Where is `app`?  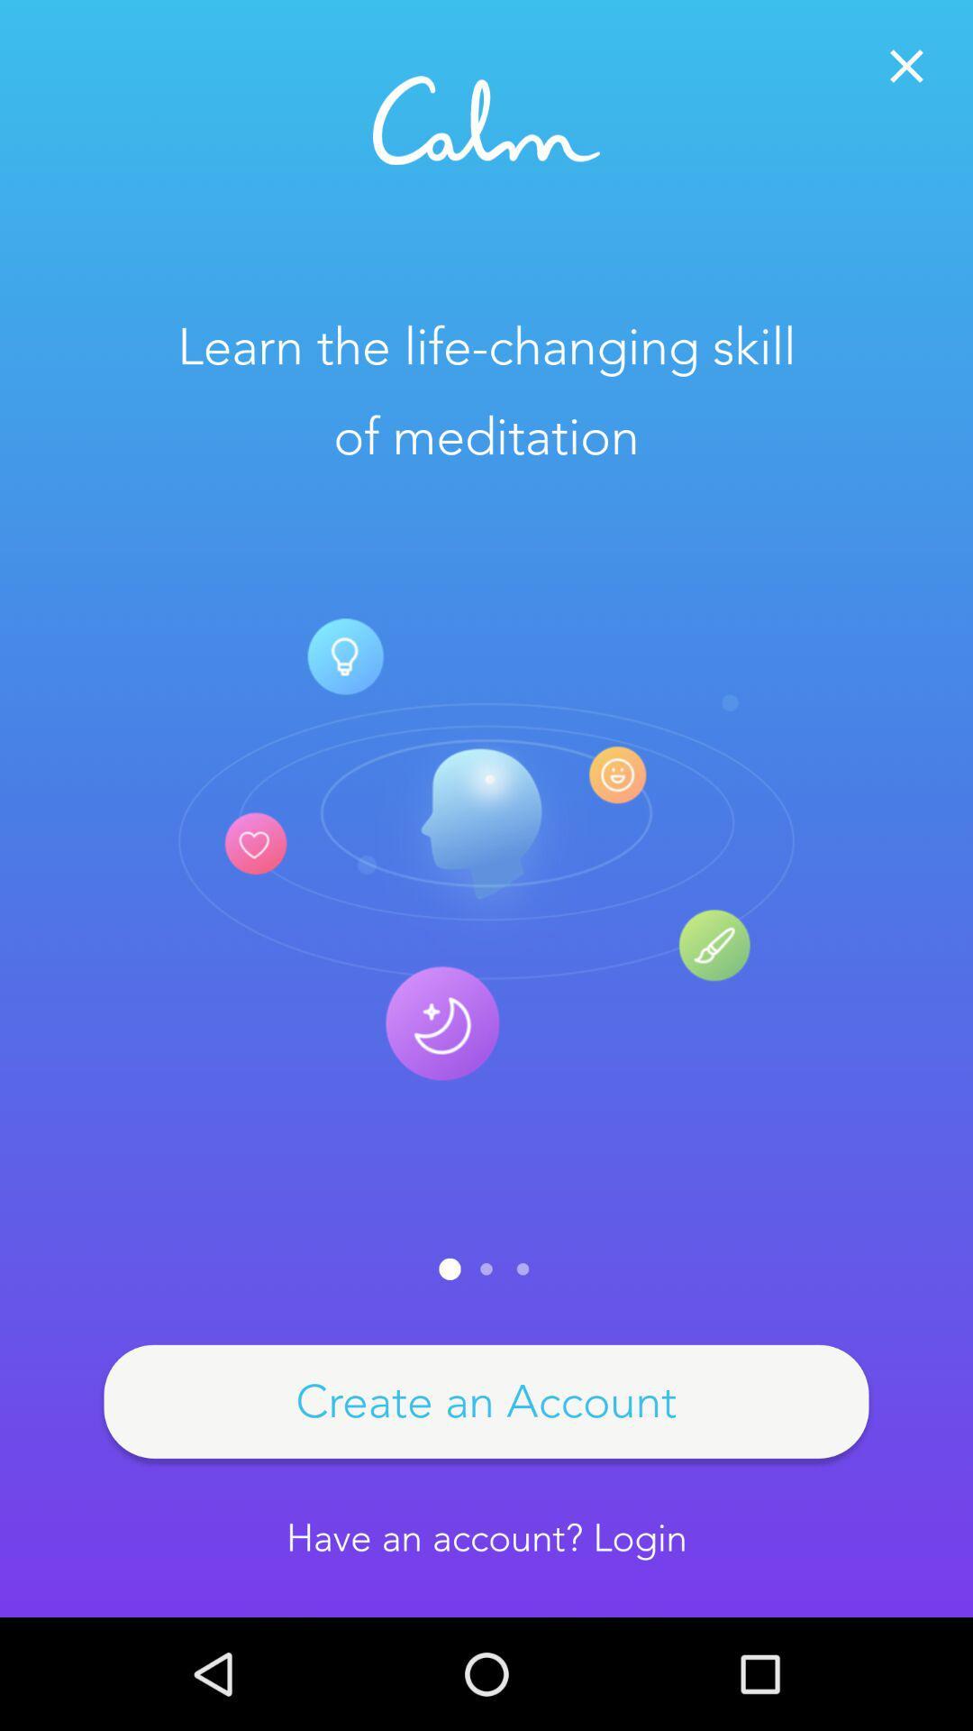 app is located at coordinates (906, 66).